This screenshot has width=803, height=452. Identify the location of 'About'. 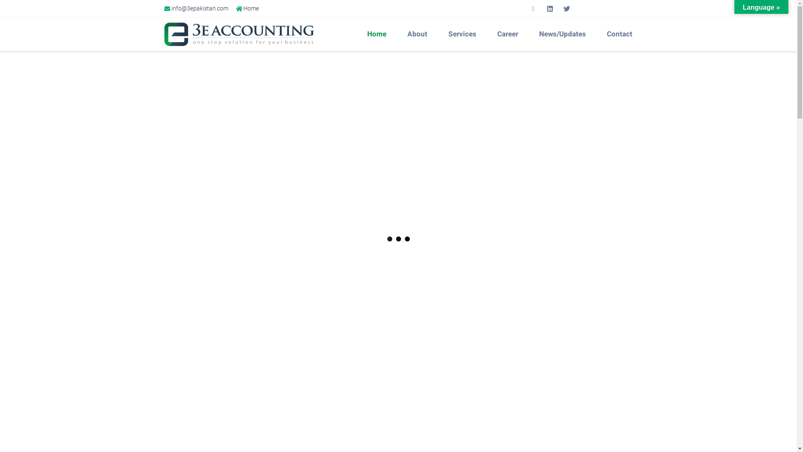
(419, 33).